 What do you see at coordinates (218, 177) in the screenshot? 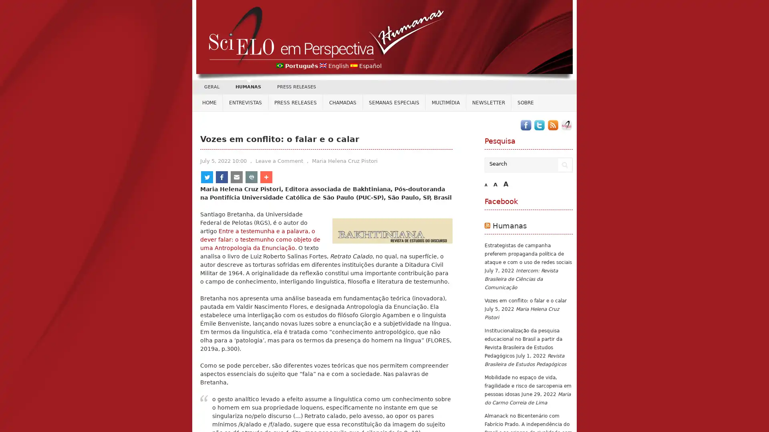
I see `Share to Twitter Twitter` at bounding box center [218, 177].